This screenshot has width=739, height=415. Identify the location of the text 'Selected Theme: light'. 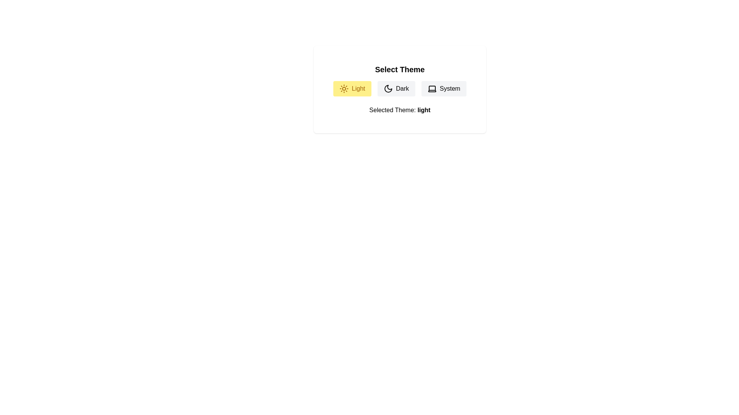
(400, 110).